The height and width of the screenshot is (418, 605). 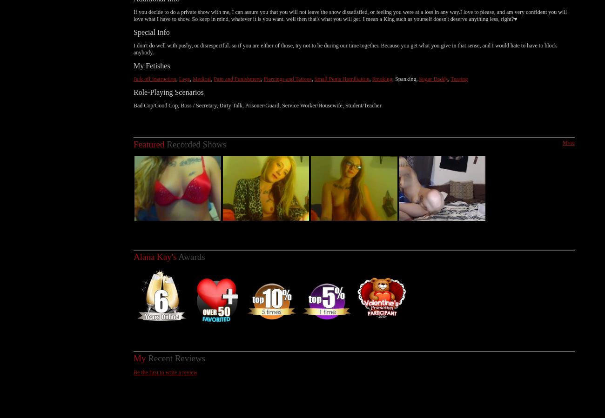 I want to click on 'Pain and Punishment', so click(x=237, y=68).